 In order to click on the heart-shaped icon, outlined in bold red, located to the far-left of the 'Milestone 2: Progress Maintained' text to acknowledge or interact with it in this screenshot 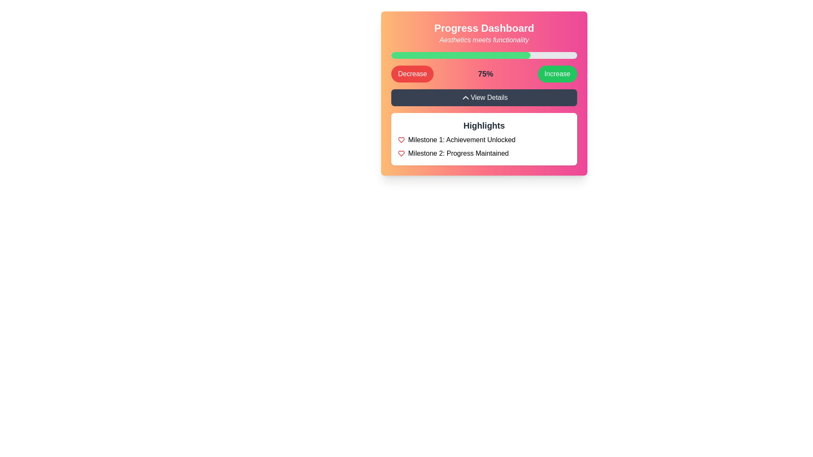, I will do `click(401, 153)`.